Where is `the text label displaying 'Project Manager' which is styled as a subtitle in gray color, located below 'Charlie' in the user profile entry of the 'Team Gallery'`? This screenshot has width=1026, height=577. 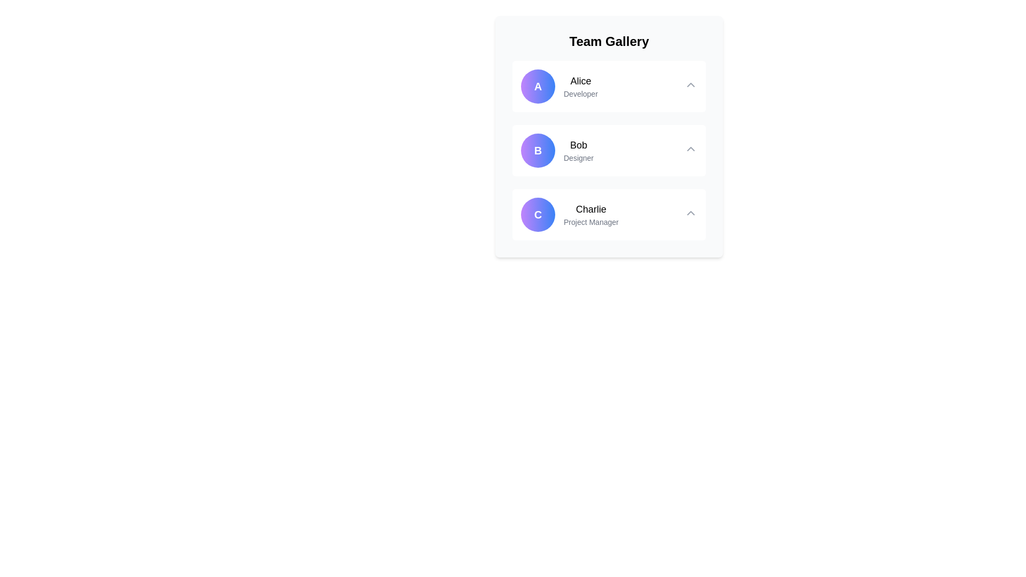 the text label displaying 'Project Manager' which is styled as a subtitle in gray color, located below 'Charlie' in the user profile entry of the 'Team Gallery' is located at coordinates (590, 222).